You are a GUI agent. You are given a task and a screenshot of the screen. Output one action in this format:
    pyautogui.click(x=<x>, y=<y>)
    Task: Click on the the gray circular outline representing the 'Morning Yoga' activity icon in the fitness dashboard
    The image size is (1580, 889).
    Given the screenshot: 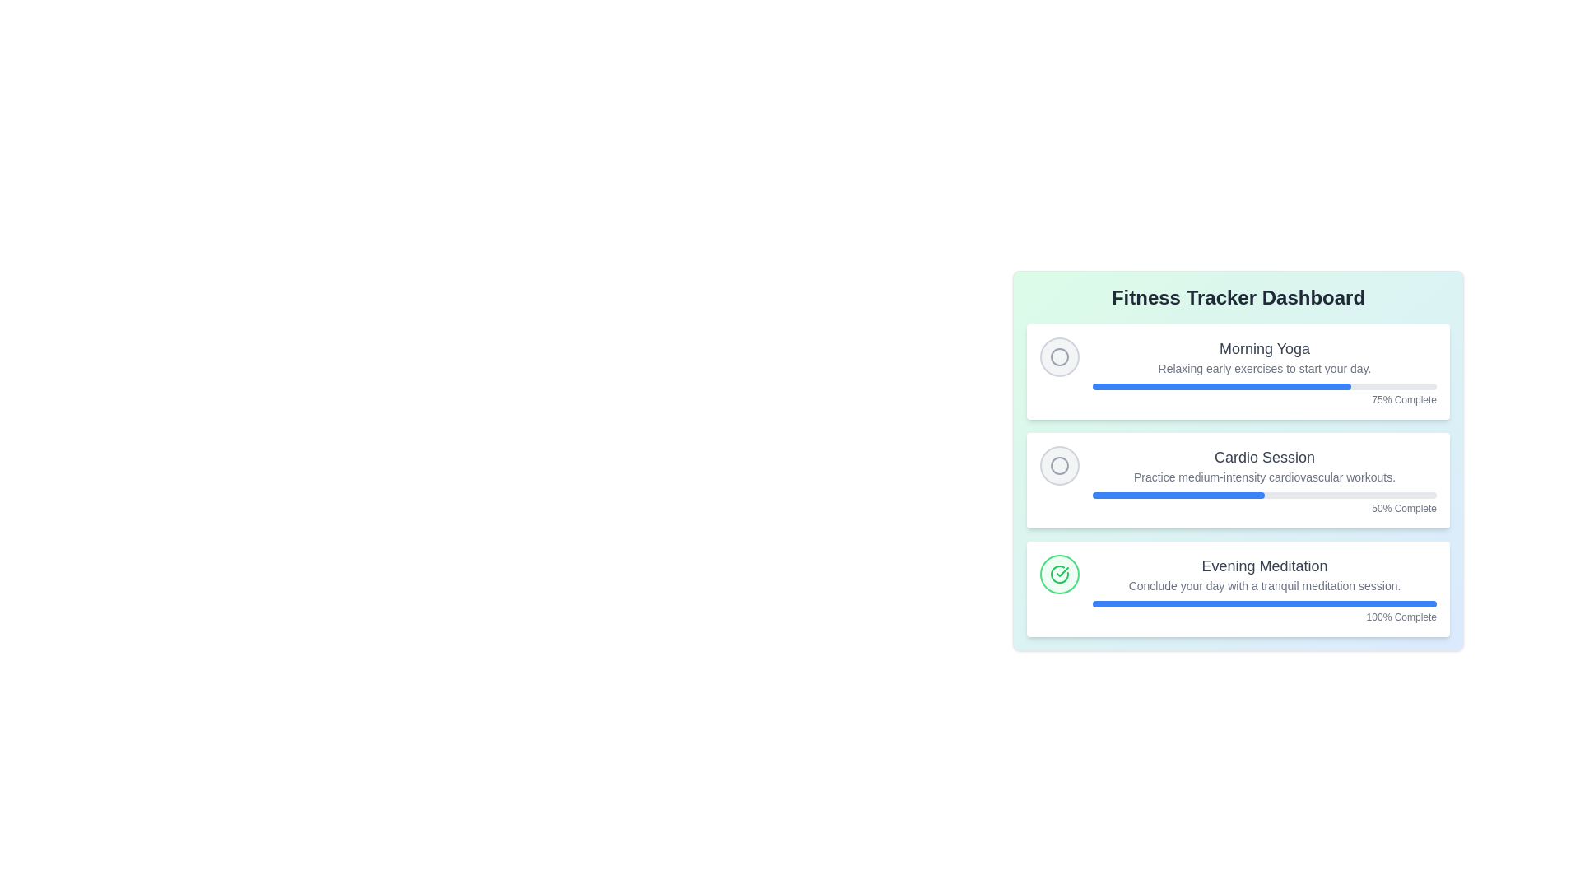 What is the action you would take?
    pyautogui.click(x=1059, y=356)
    